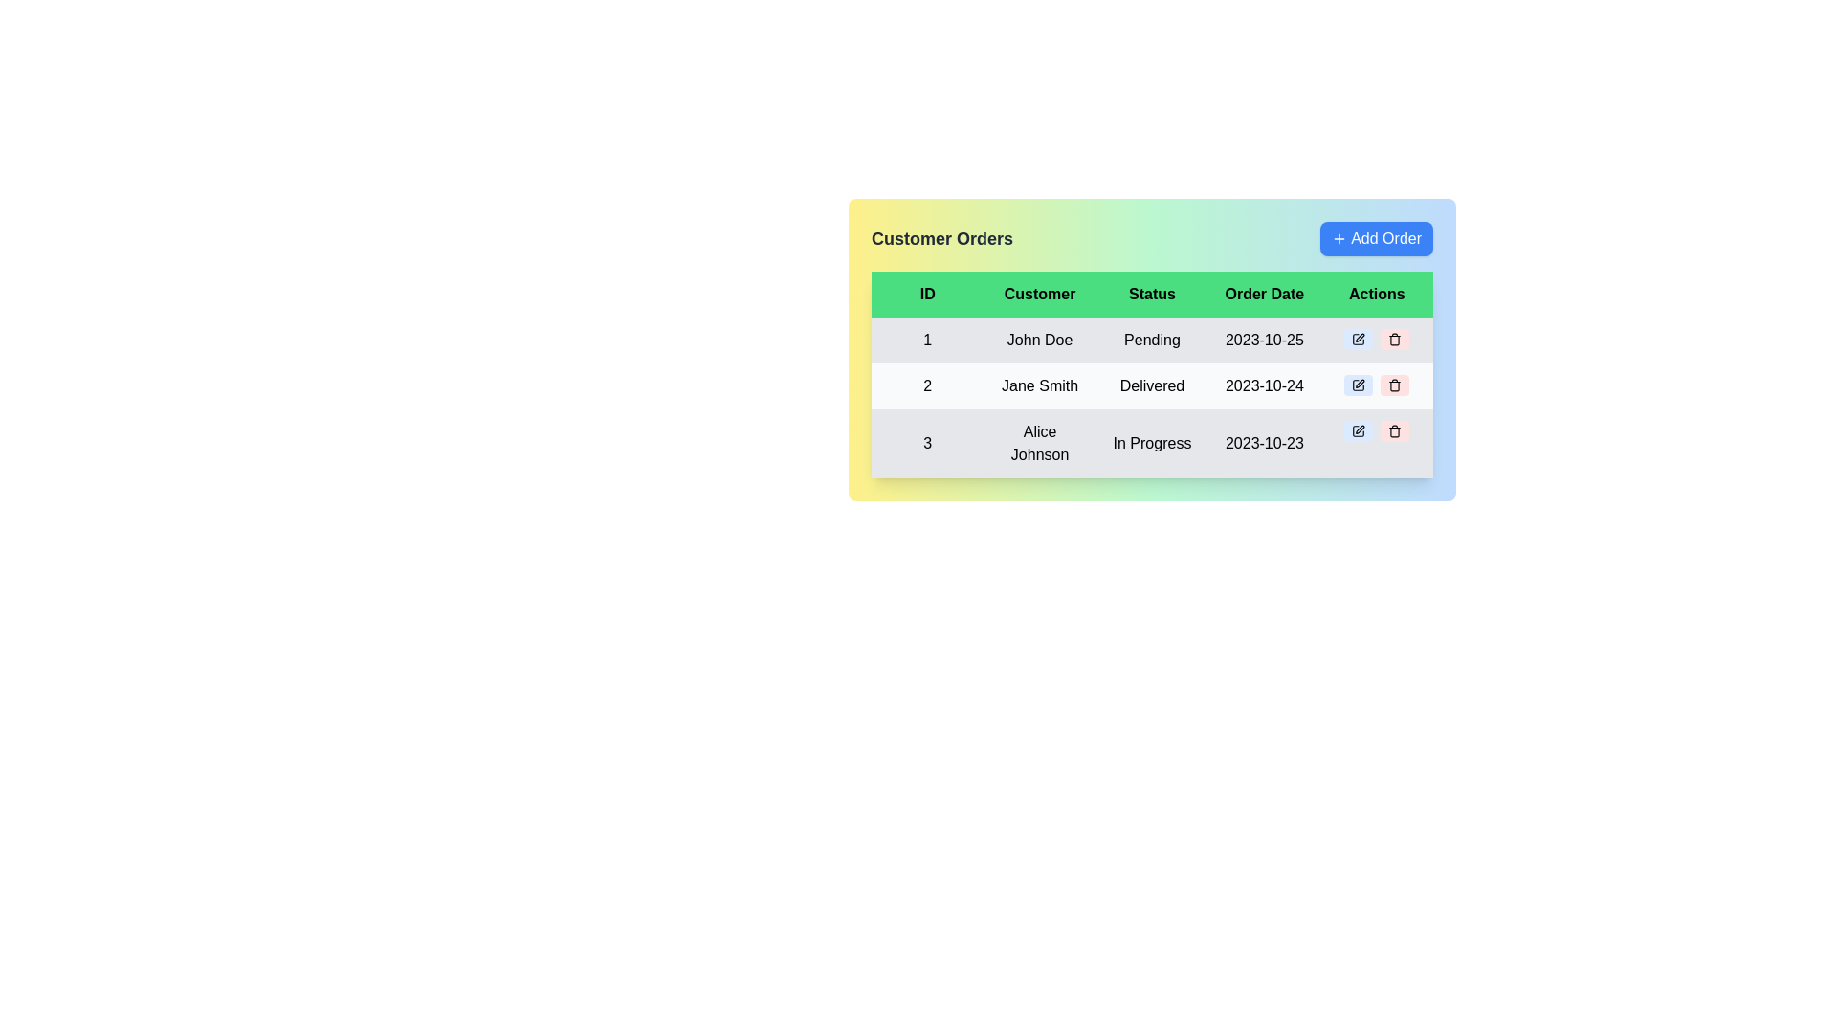 The image size is (1837, 1033). Describe the element at coordinates (1358, 431) in the screenshot. I see `the pencil icon located in the third row of the Actions column, which is part of the editing or modification function` at that location.